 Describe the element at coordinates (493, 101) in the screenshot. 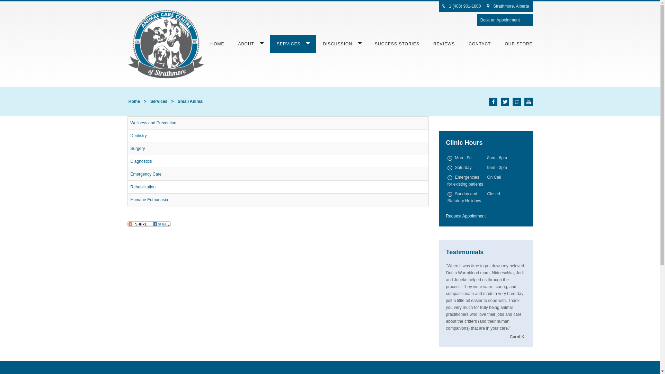

I see `'Facebook'` at that location.